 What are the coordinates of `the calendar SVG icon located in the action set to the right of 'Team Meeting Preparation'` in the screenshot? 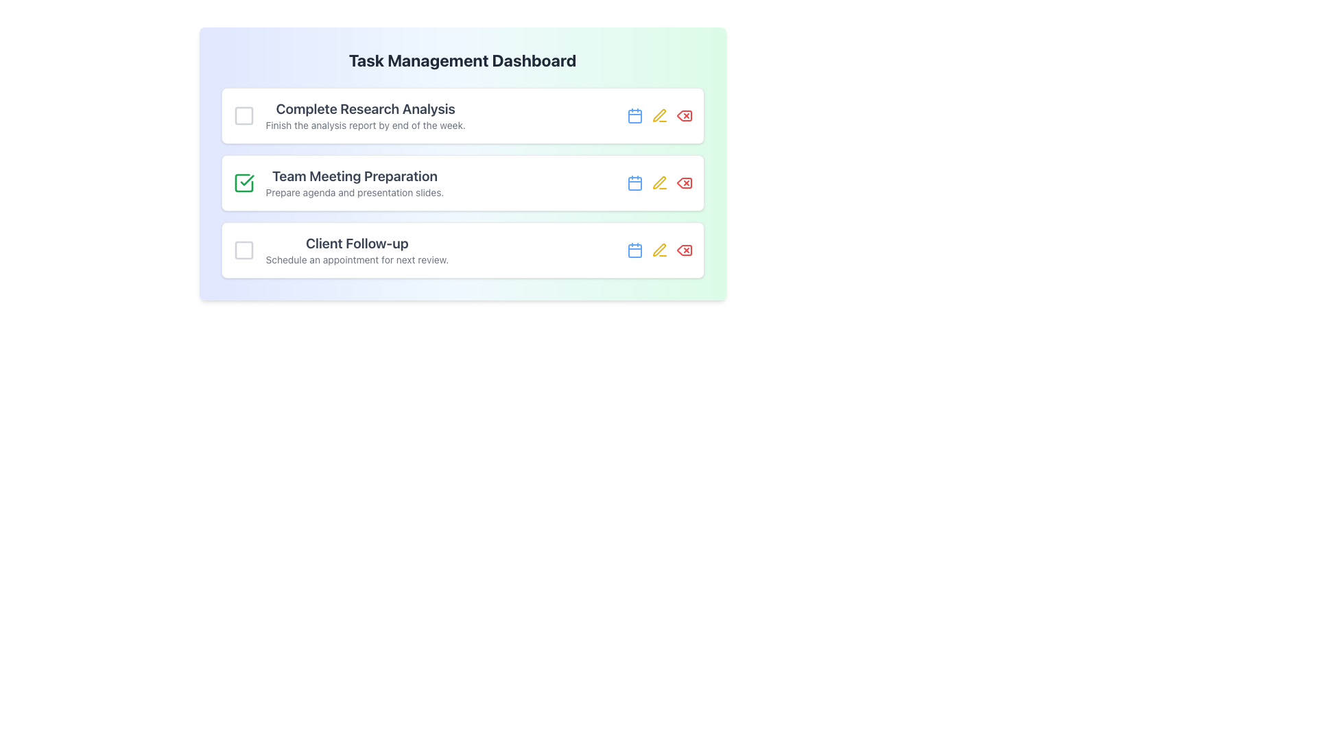 It's located at (634, 183).